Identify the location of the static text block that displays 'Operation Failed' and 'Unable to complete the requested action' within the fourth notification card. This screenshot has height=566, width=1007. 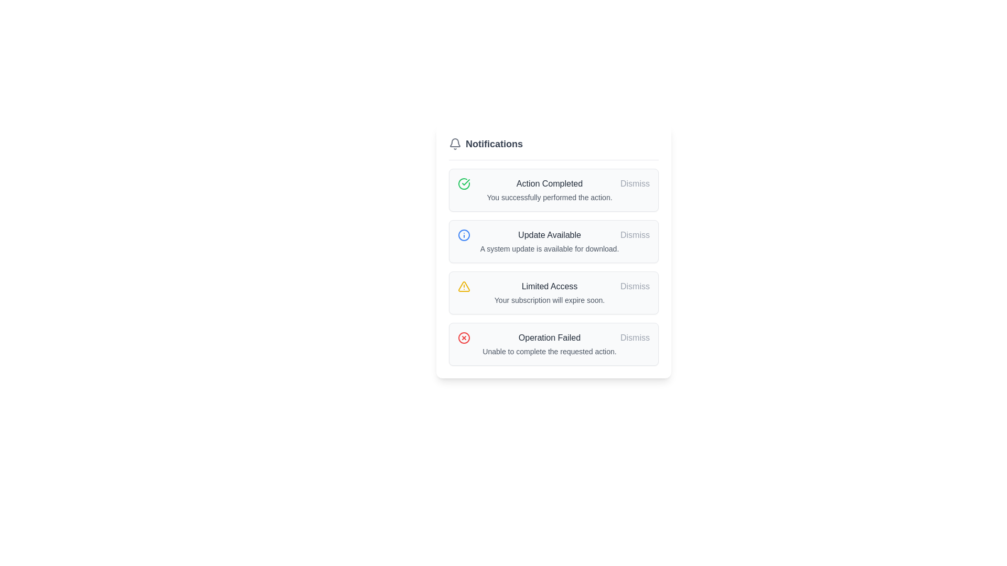
(549, 344).